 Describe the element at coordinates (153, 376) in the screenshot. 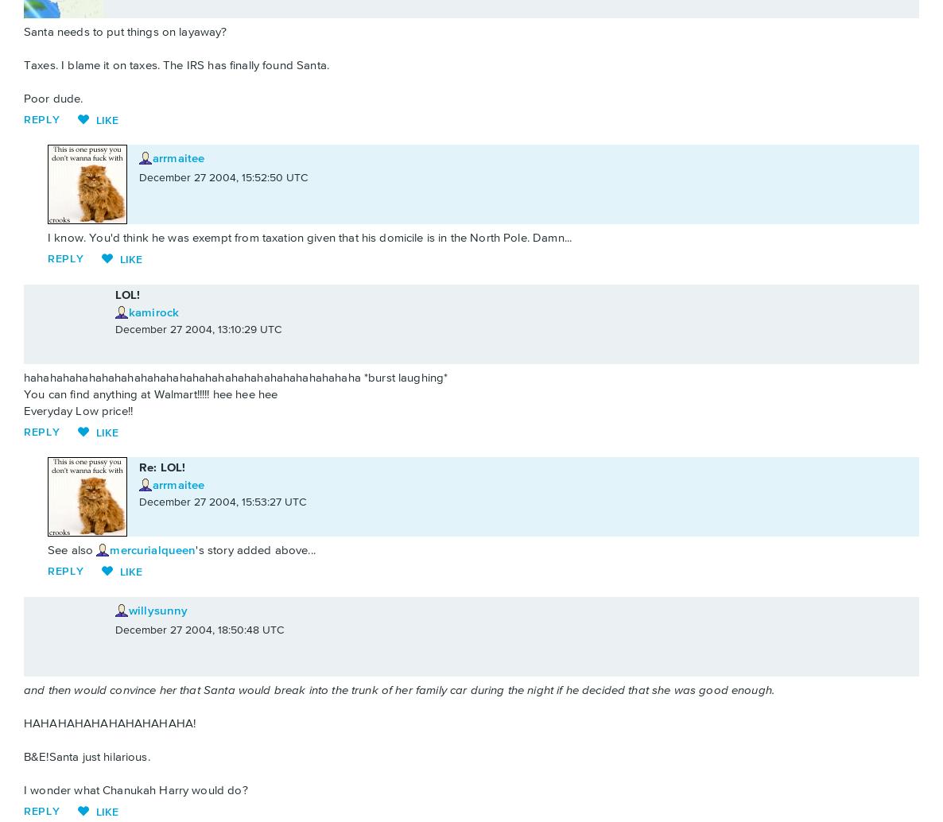

I see `'hahahahahahahahahahahahahahahahahahahaha'` at that location.